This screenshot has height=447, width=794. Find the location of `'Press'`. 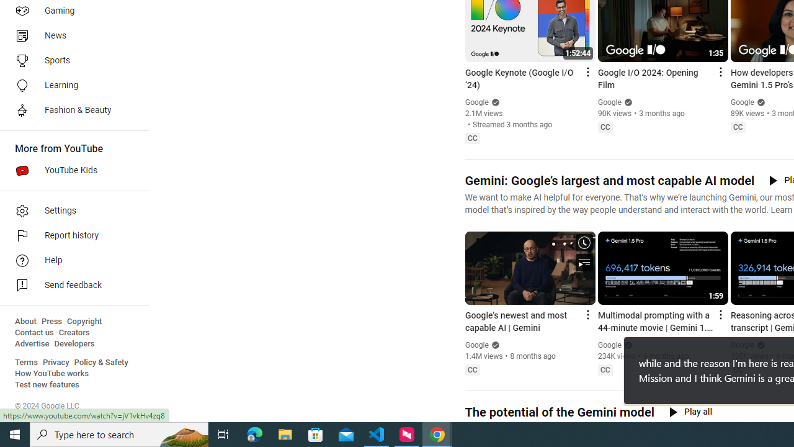

'Press' is located at coordinates (51, 321).